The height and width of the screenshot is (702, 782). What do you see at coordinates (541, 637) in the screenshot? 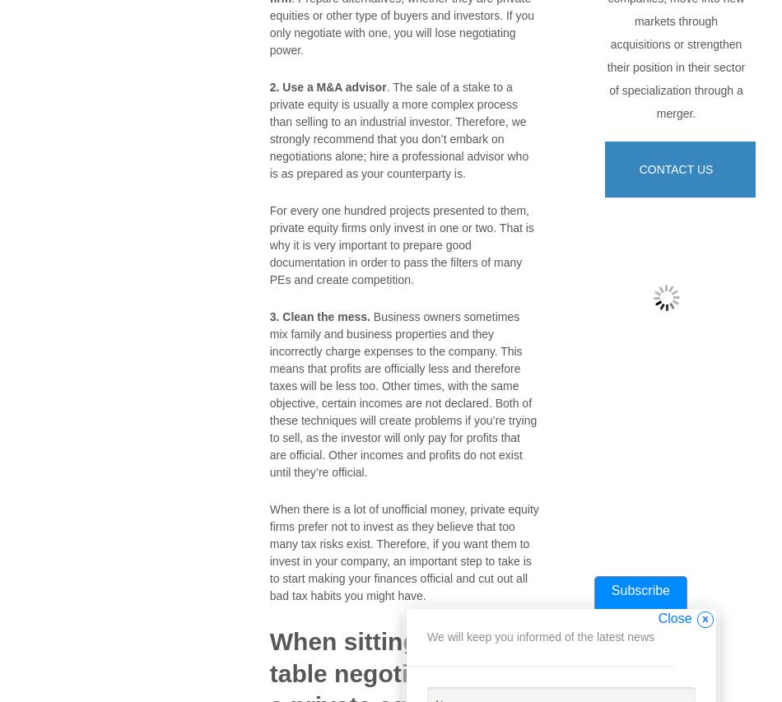
I see `'We will keep you informed of the latest news'` at bounding box center [541, 637].